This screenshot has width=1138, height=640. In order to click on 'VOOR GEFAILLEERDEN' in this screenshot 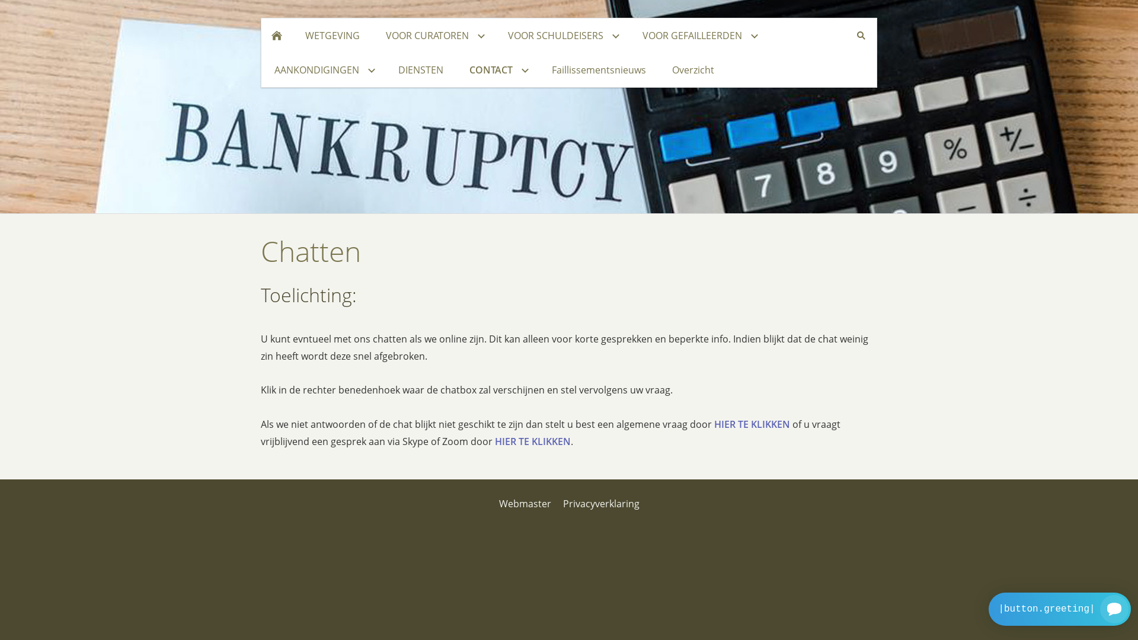, I will do `click(699, 35)`.